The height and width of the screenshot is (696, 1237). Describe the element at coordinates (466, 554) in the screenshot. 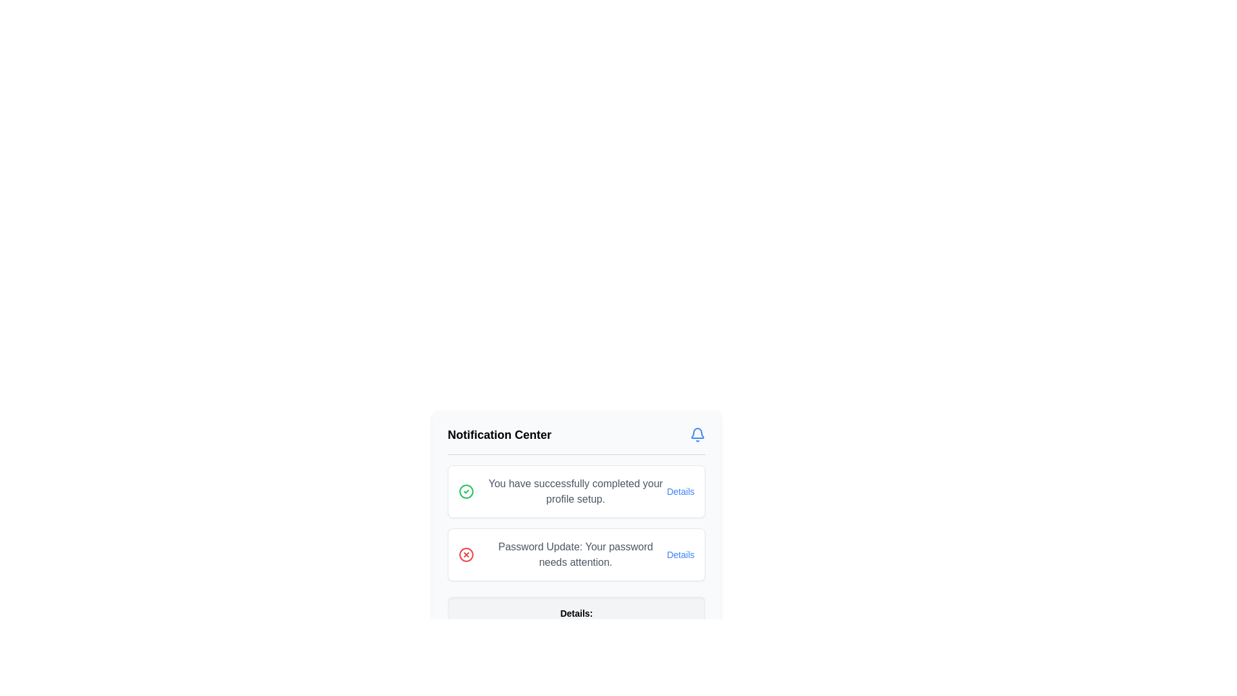

I see `the visual decoration (circle within the icon) that indicates an error or warning, located near the center of an icon with a cross mark to the left of the text 'Password Update: Your password needs attention.'` at that location.